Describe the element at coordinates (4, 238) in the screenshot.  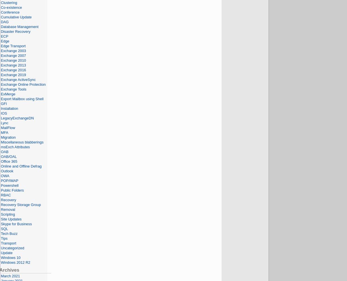
I see `'Tips'` at that location.